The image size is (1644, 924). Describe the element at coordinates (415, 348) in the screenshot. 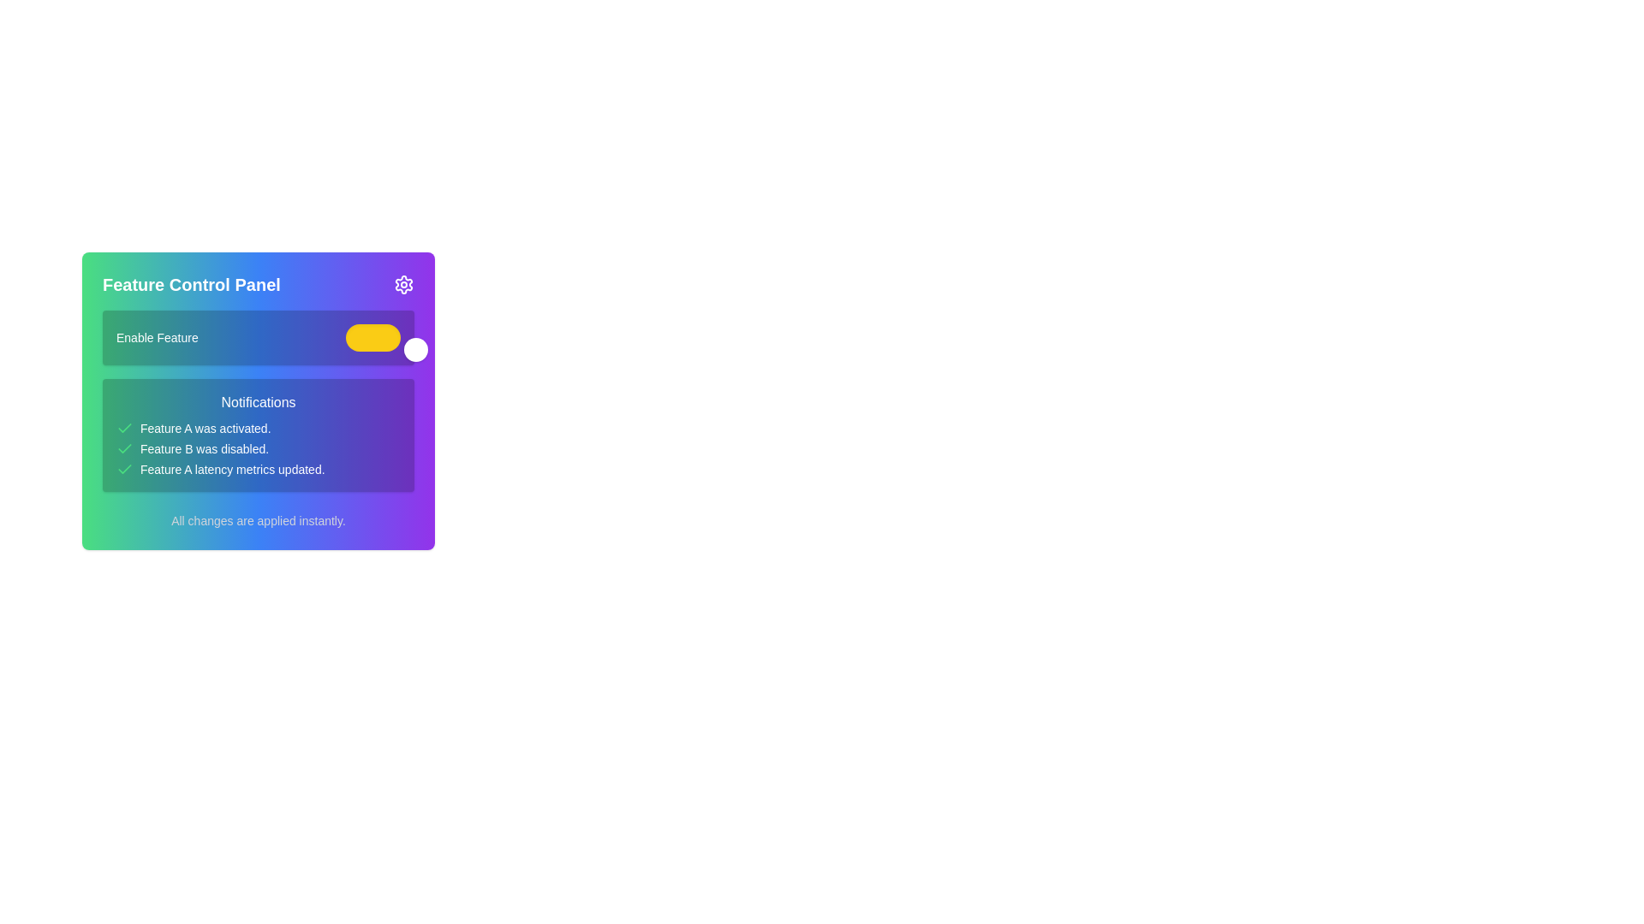

I see `the circular handle of the toggle switch located on the rightmost side of the switch in the 'Feature Control Panel'` at that location.